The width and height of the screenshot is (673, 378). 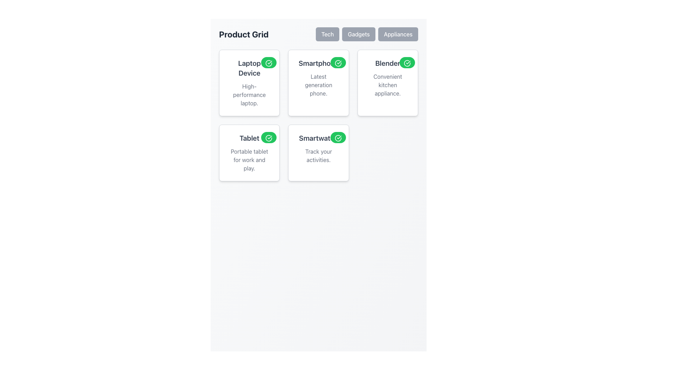 What do you see at coordinates (407, 62) in the screenshot?
I see `the circular green confirmation button with a white check icon located at the top-right corner of the 'Blender' product card` at bounding box center [407, 62].